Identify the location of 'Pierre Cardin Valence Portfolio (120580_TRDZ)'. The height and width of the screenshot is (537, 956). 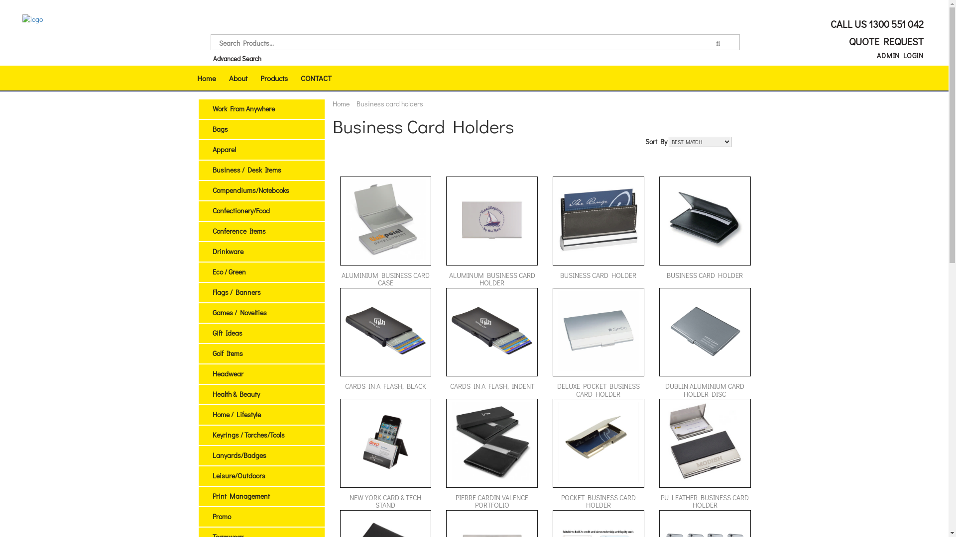
(492, 441).